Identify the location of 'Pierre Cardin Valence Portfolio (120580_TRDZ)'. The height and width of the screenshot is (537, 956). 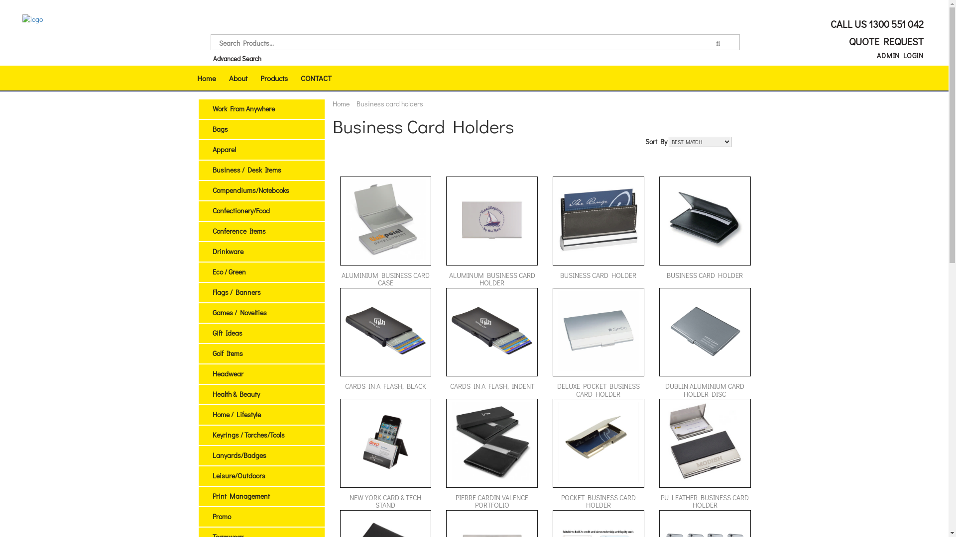
(492, 441).